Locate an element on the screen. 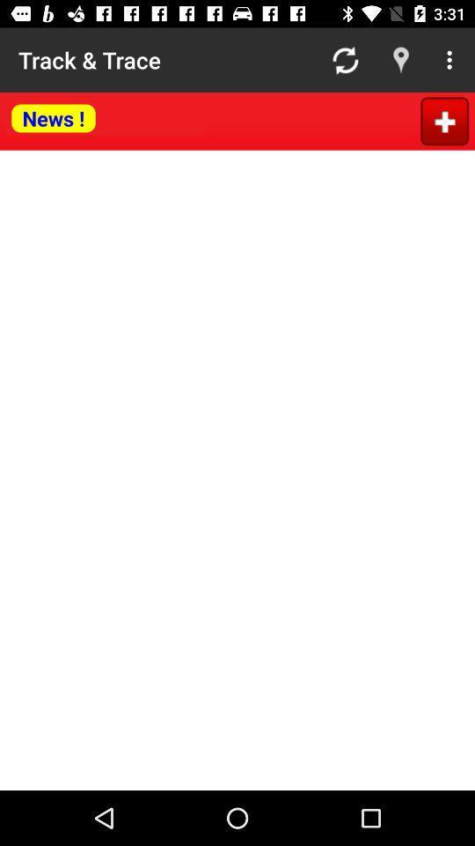 The image size is (475, 846). the add icon is located at coordinates (443, 120).